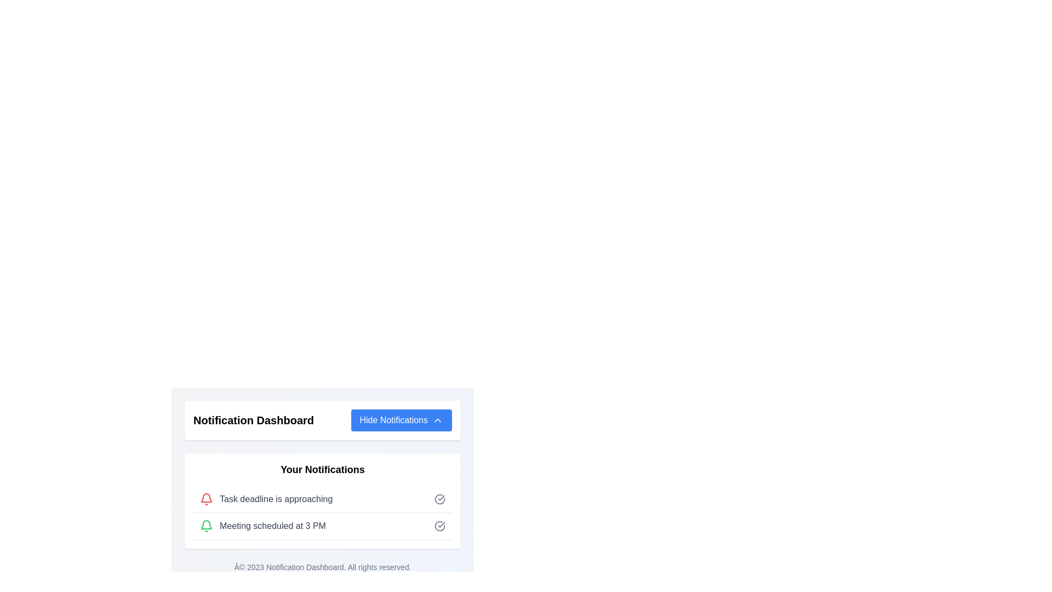  Describe the element at coordinates (322, 526) in the screenshot. I see `the checkmark icon on the second notification entry in the 'Your Notifications' section to mark the notification about the scheduled meeting at 3 PM as read` at that location.